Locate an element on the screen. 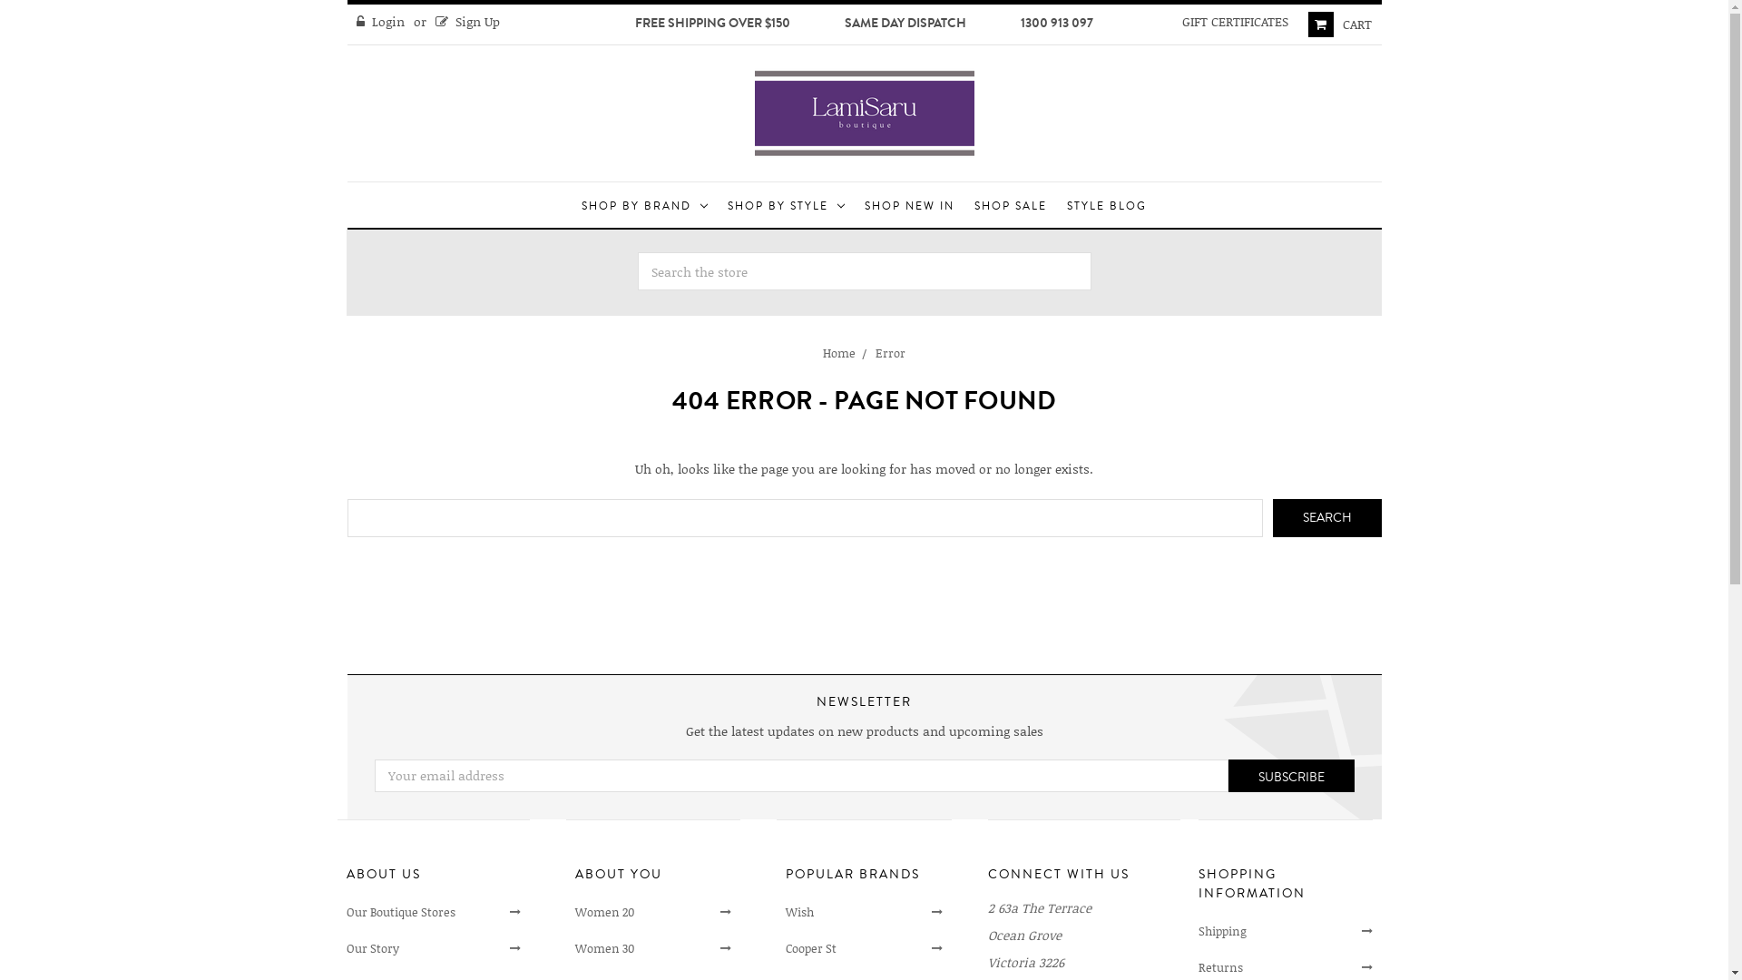 This screenshot has width=1742, height=980. 'FREE SHIPPING OVER $150' is located at coordinates (711, 23).